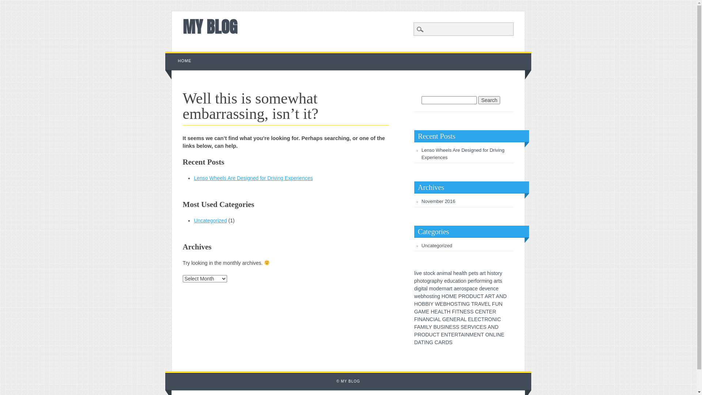 This screenshot has width=702, height=395. Describe the element at coordinates (441, 280) in the screenshot. I see `'y'` at that location.